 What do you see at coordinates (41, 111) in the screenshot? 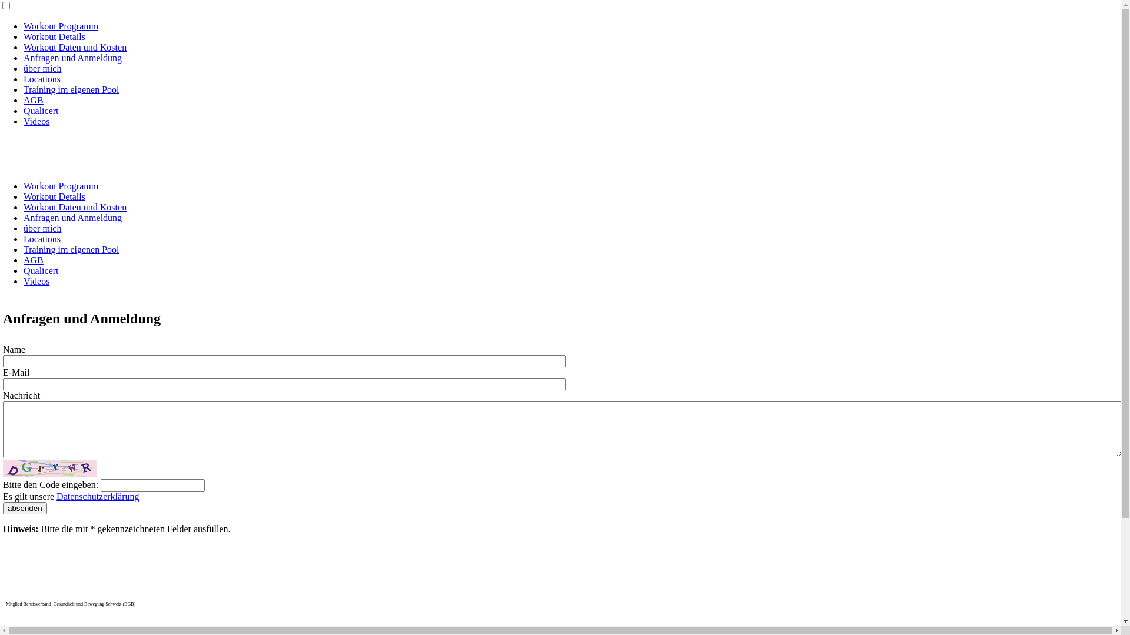
I see `'Qualicert'` at bounding box center [41, 111].